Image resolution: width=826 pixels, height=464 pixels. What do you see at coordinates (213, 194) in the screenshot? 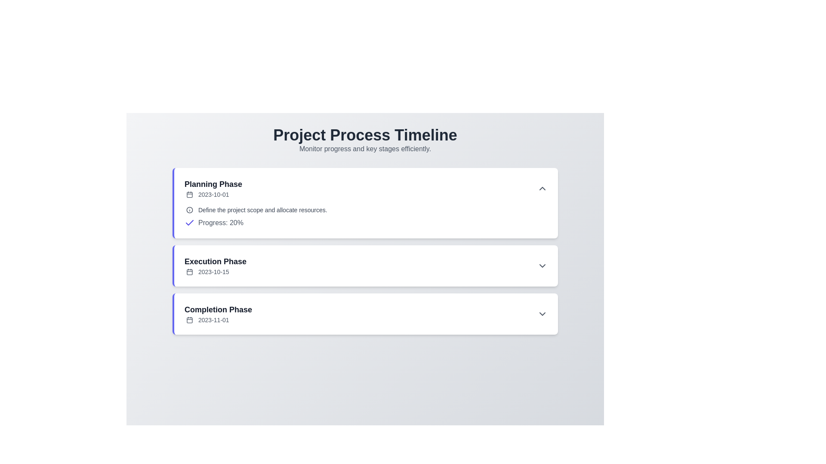
I see `the date element '2023-10-01' which is displayed alongside a calendar icon in the 'Planning Phase' section` at bounding box center [213, 194].